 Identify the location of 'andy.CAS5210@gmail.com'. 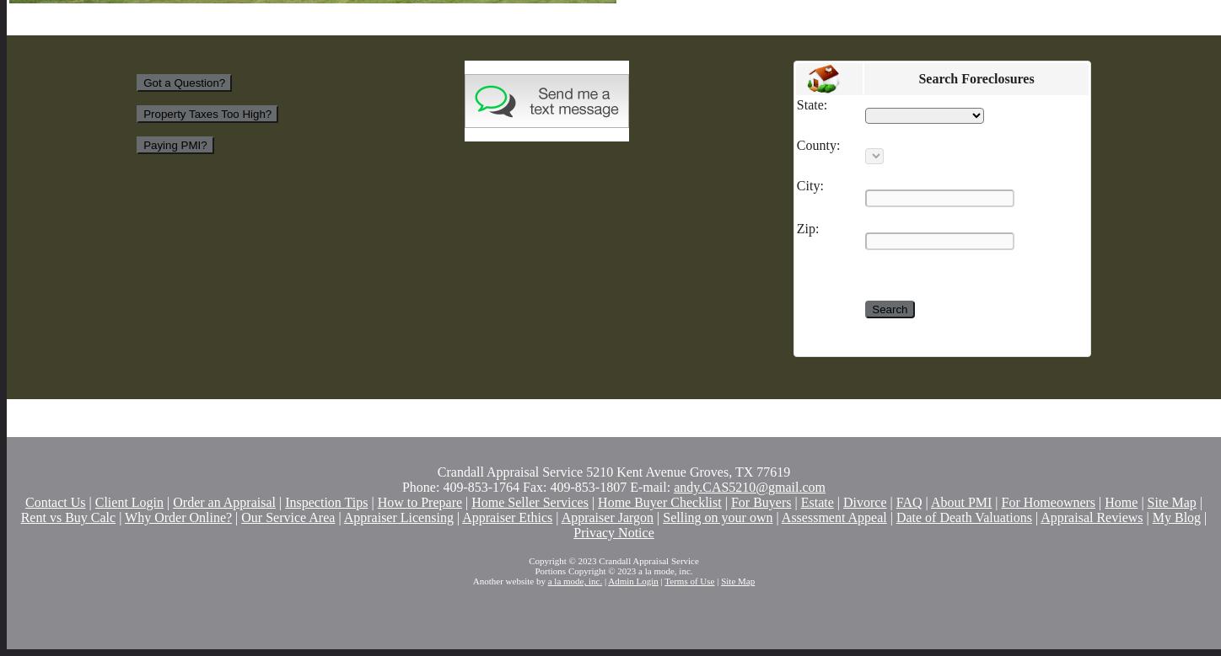
(749, 486).